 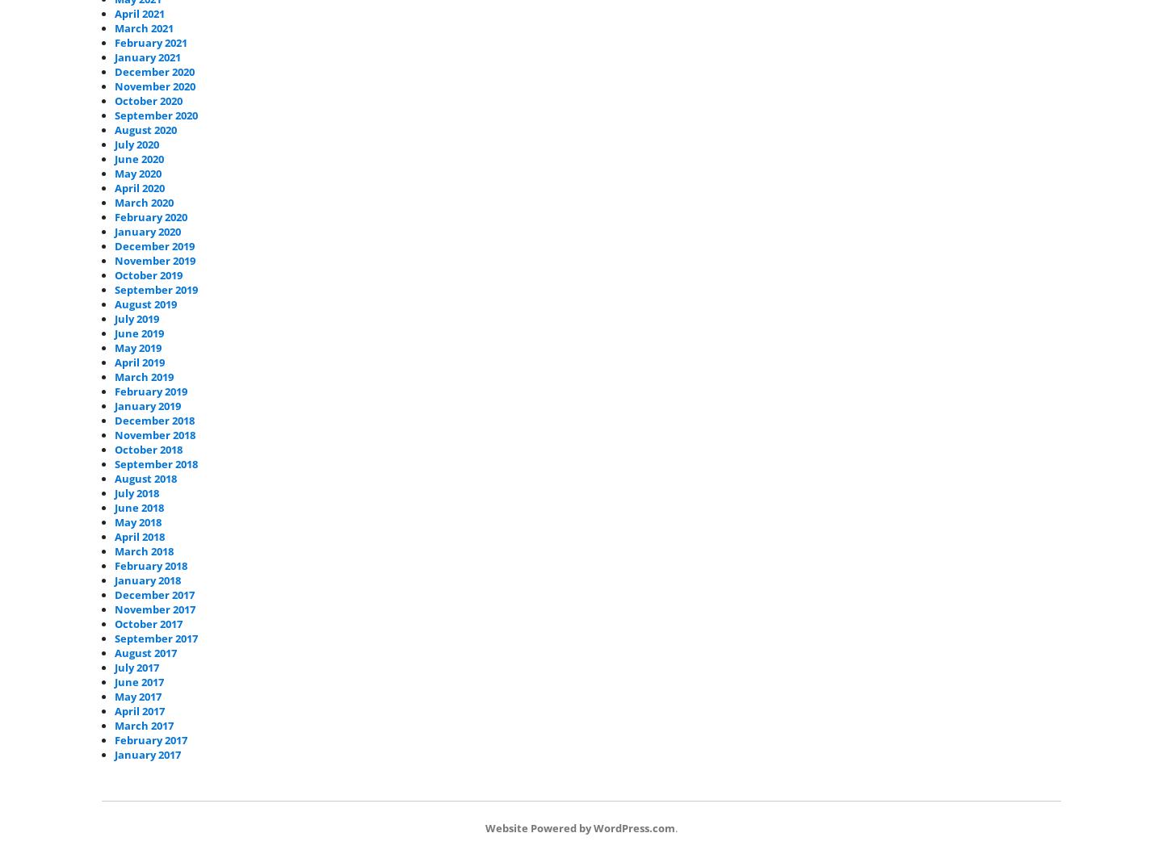 I want to click on 'December 2017', so click(x=154, y=594).